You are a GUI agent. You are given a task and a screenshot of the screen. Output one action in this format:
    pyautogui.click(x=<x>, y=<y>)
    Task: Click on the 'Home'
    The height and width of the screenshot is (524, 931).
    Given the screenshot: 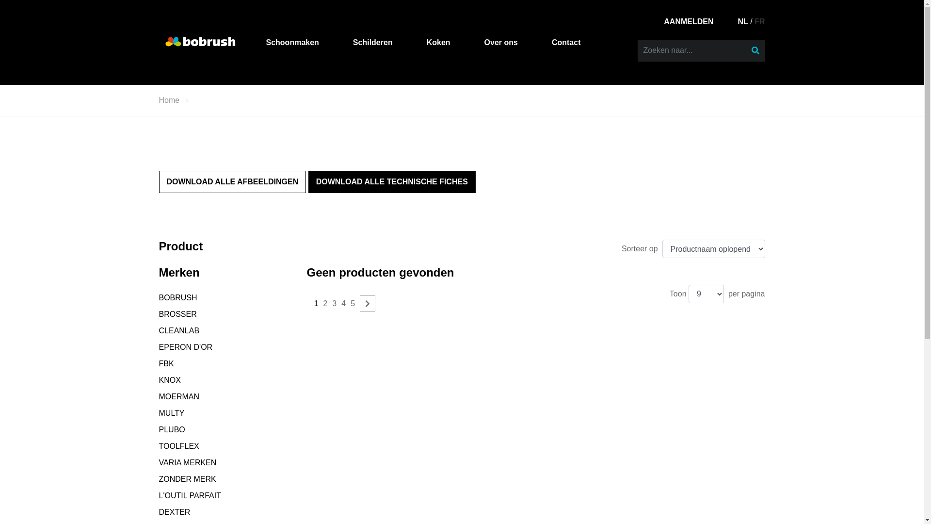 What is the action you would take?
    pyautogui.click(x=169, y=100)
    